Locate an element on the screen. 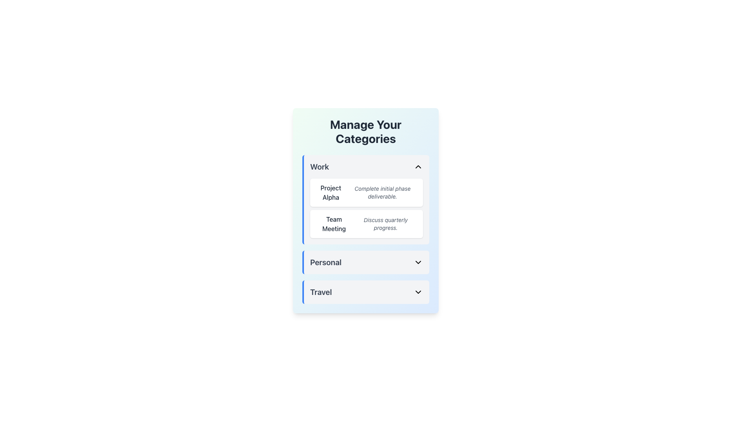 Image resolution: width=752 pixels, height=423 pixels. the dropdown or collapsible menu toggle for the 'Personal' category, which is the second section in a vertically stacked list located between the 'Work' and 'Travel' sections is located at coordinates (366, 262).